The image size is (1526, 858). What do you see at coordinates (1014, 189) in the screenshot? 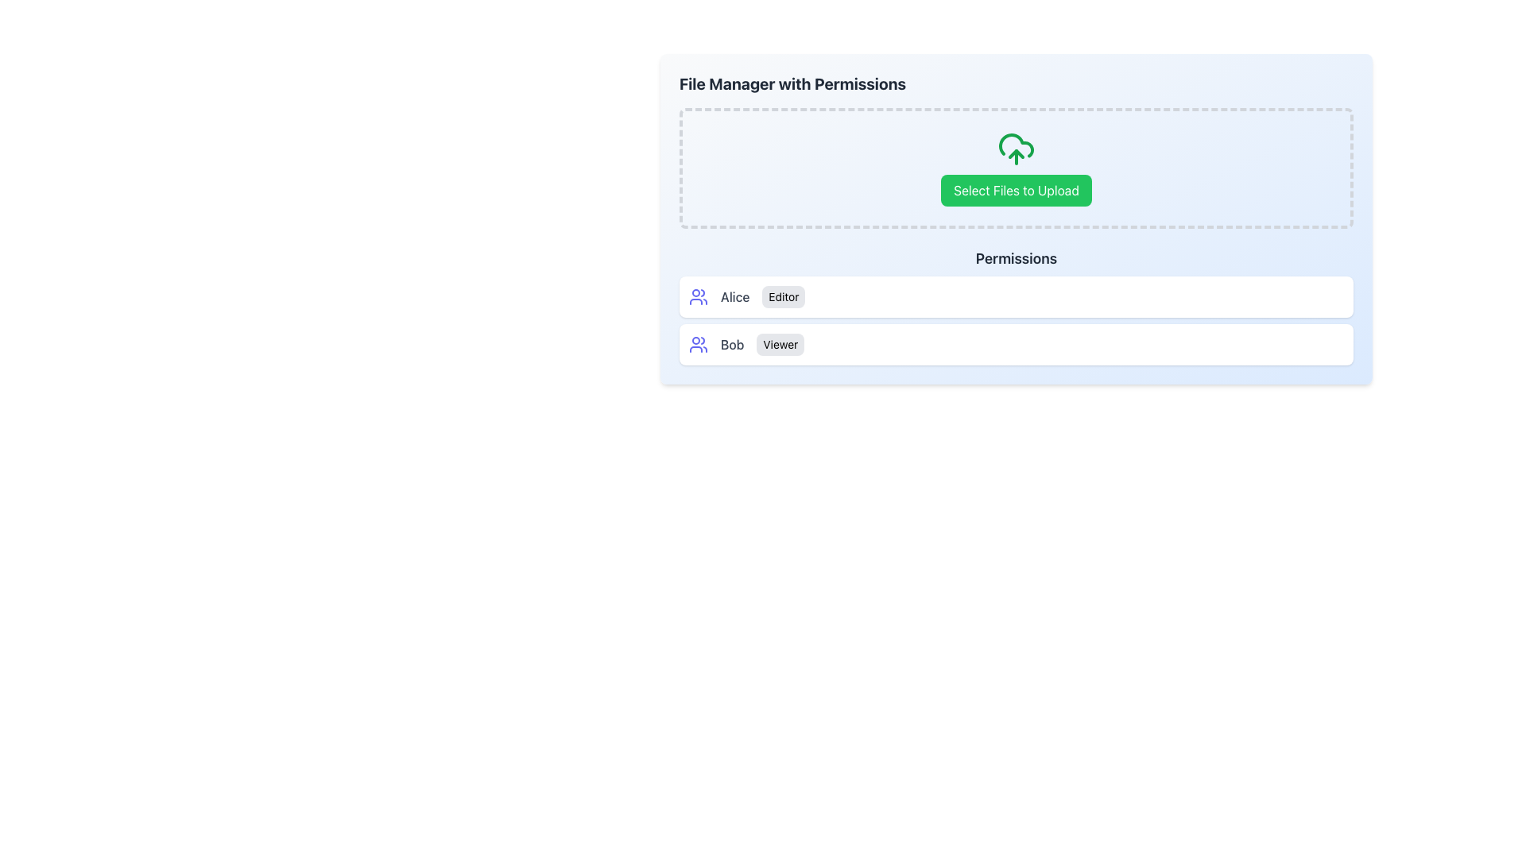
I see `the button located below the cloud upload icon to initiate the file upload process` at bounding box center [1014, 189].